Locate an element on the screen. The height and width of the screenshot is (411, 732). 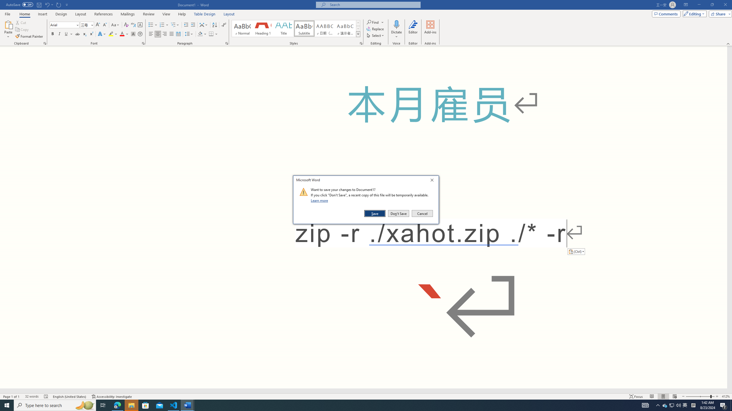
'Row up' is located at coordinates (358, 23).